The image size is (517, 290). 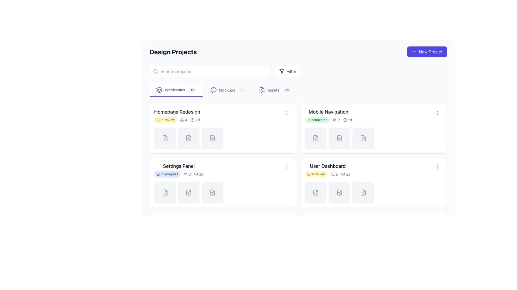 What do you see at coordinates (343, 174) in the screenshot?
I see `the decorative SVG circle representing the clock's face in the upper-right corner of the User Dashboard section` at bounding box center [343, 174].